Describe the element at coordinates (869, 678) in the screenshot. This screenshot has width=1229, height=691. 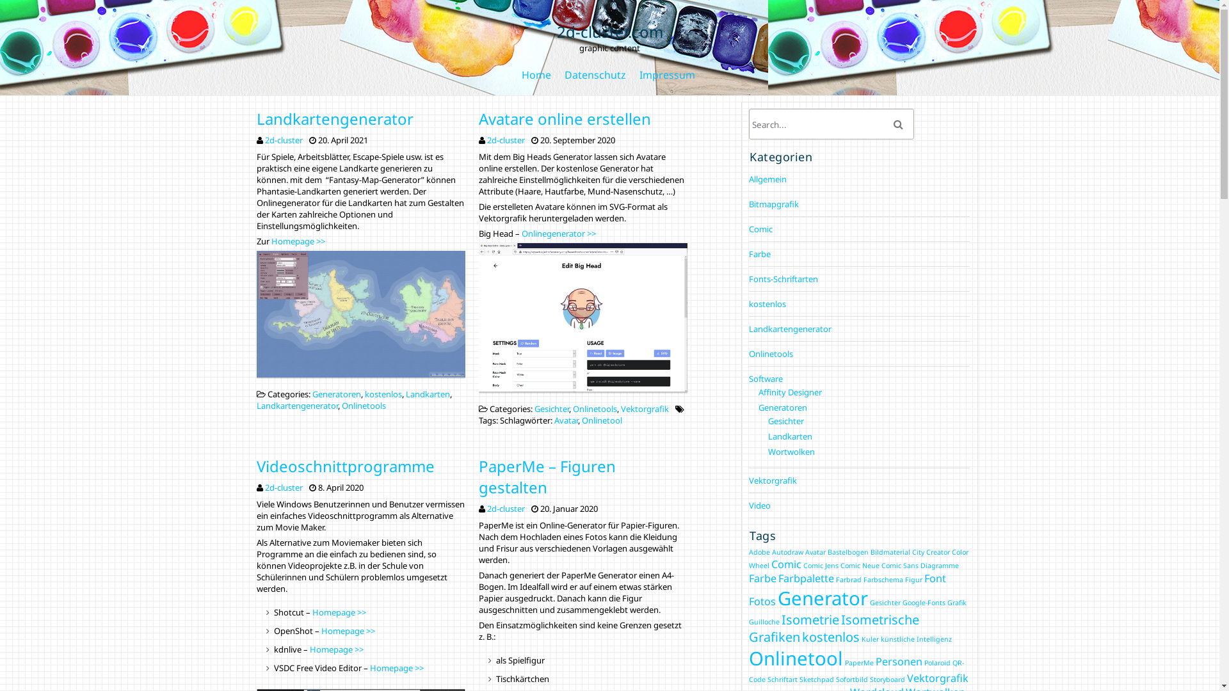
I see `'Storyboard'` at that location.